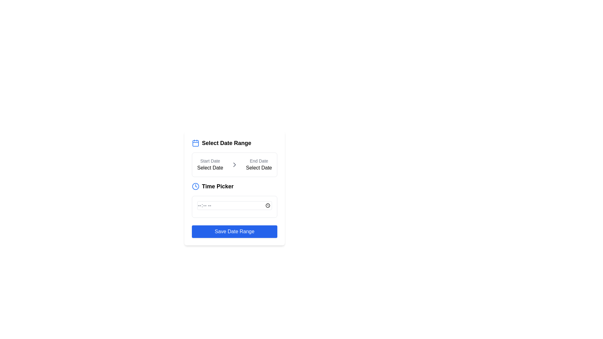 The height and width of the screenshot is (339, 603). What do you see at coordinates (210, 161) in the screenshot?
I see `the text label that indicates the start date of a range, located above the 'Select Date' text in the 'Select Date Range' section` at bounding box center [210, 161].